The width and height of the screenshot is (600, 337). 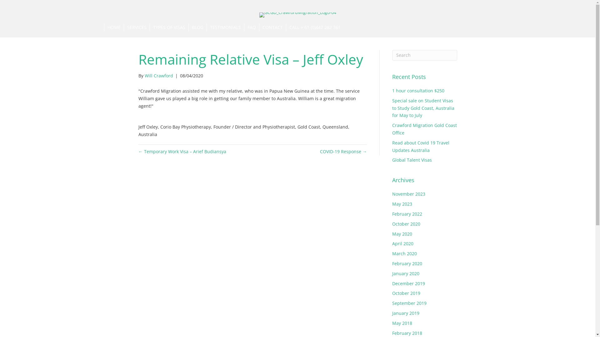 I want to click on 'March 2020', so click(x=392, y=253).